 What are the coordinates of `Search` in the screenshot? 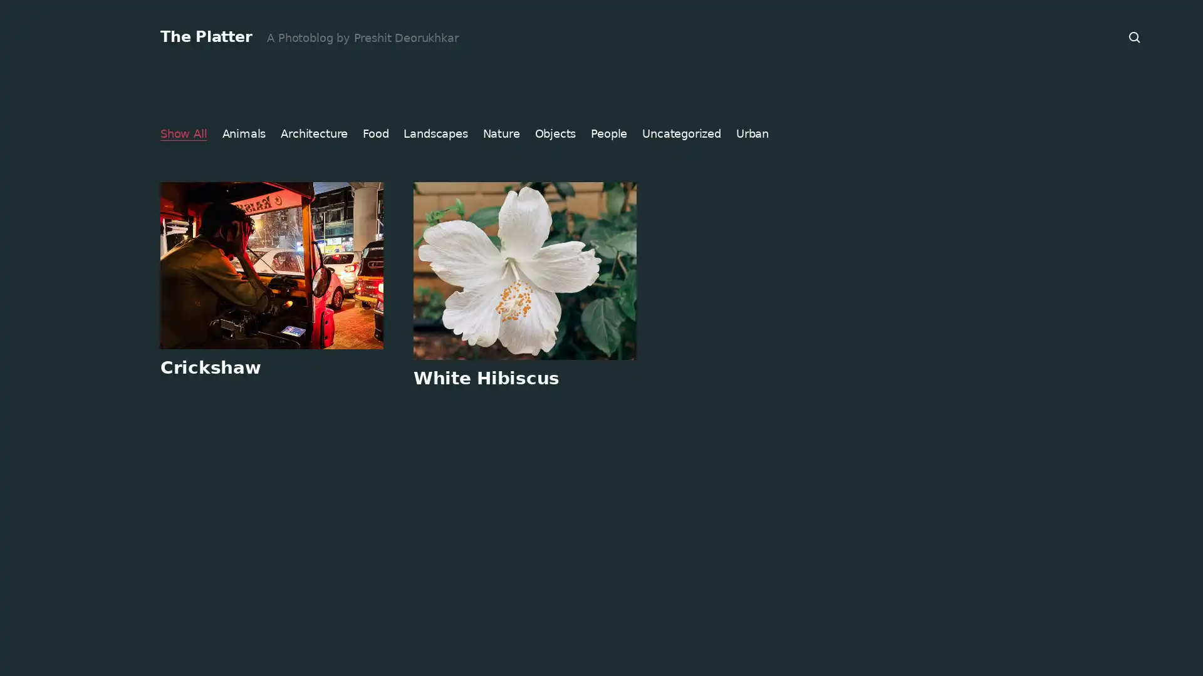 It's located at (1135, 37).